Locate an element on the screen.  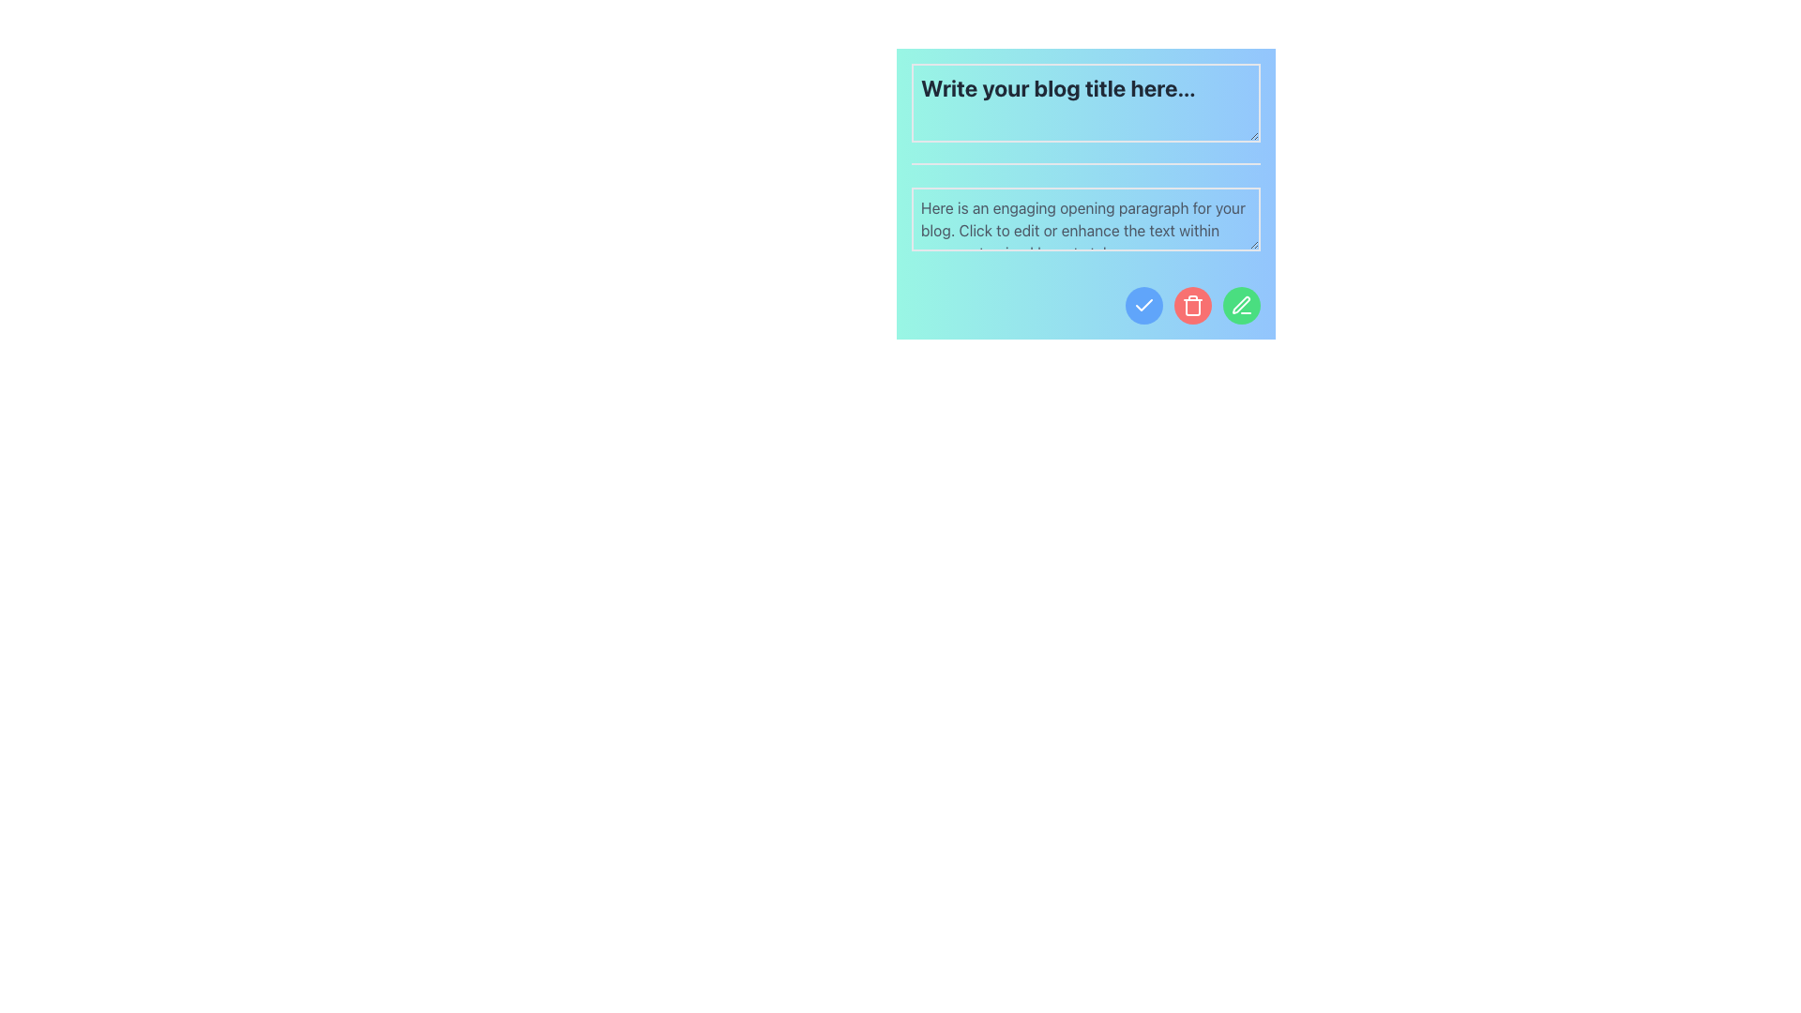
the trash can icon button, which is a minimalistic design displayed in white color against a circular red background is located at coordinates (1192, 305).